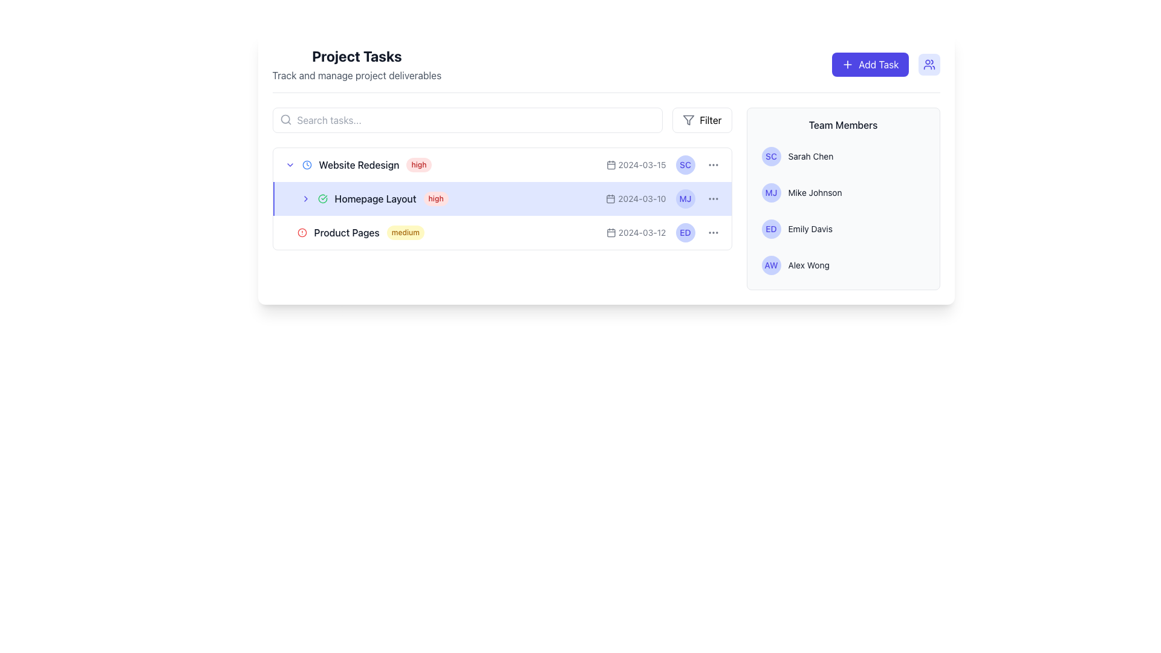  What do you see at coordinates (289, 165) in the screenshot?
I see `the downward-facing chevron icon with a rounded blue background located at the top-left corner of the 'Website Redesign' row in the 'Project Tasks' list` at bounding box center [289, 165].